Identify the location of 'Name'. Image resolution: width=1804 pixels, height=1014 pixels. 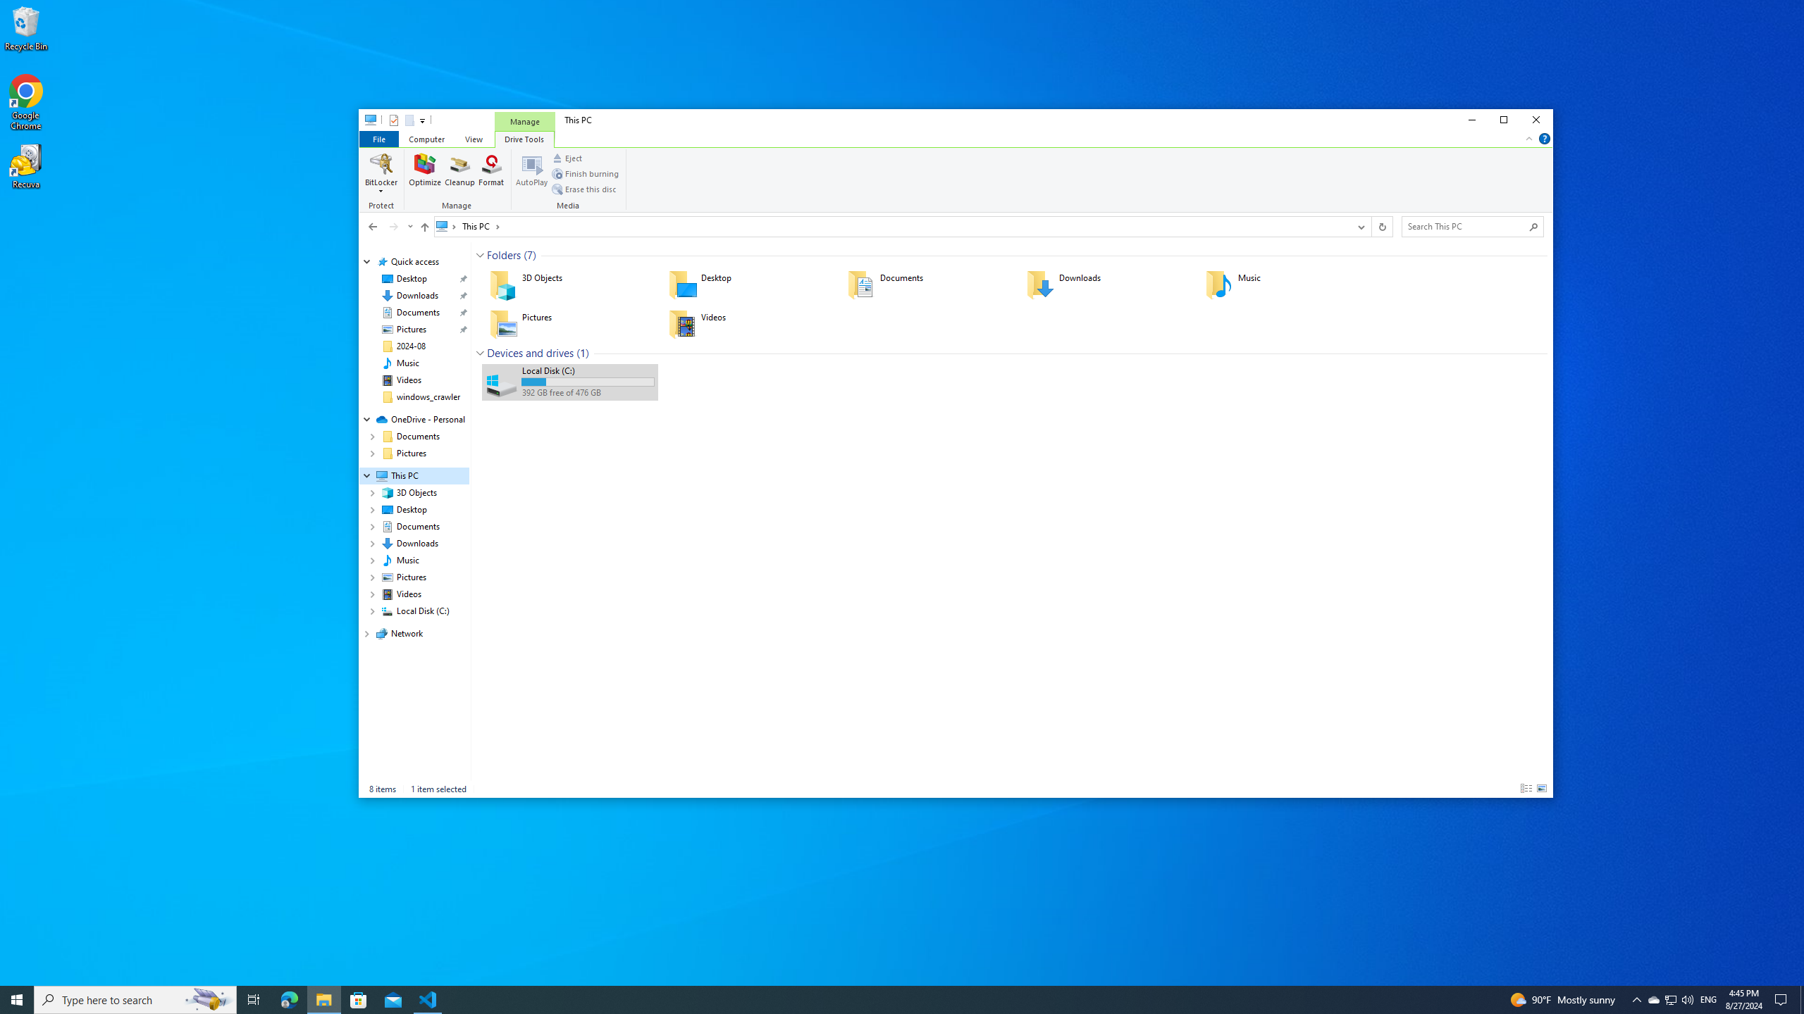
(587, 370).